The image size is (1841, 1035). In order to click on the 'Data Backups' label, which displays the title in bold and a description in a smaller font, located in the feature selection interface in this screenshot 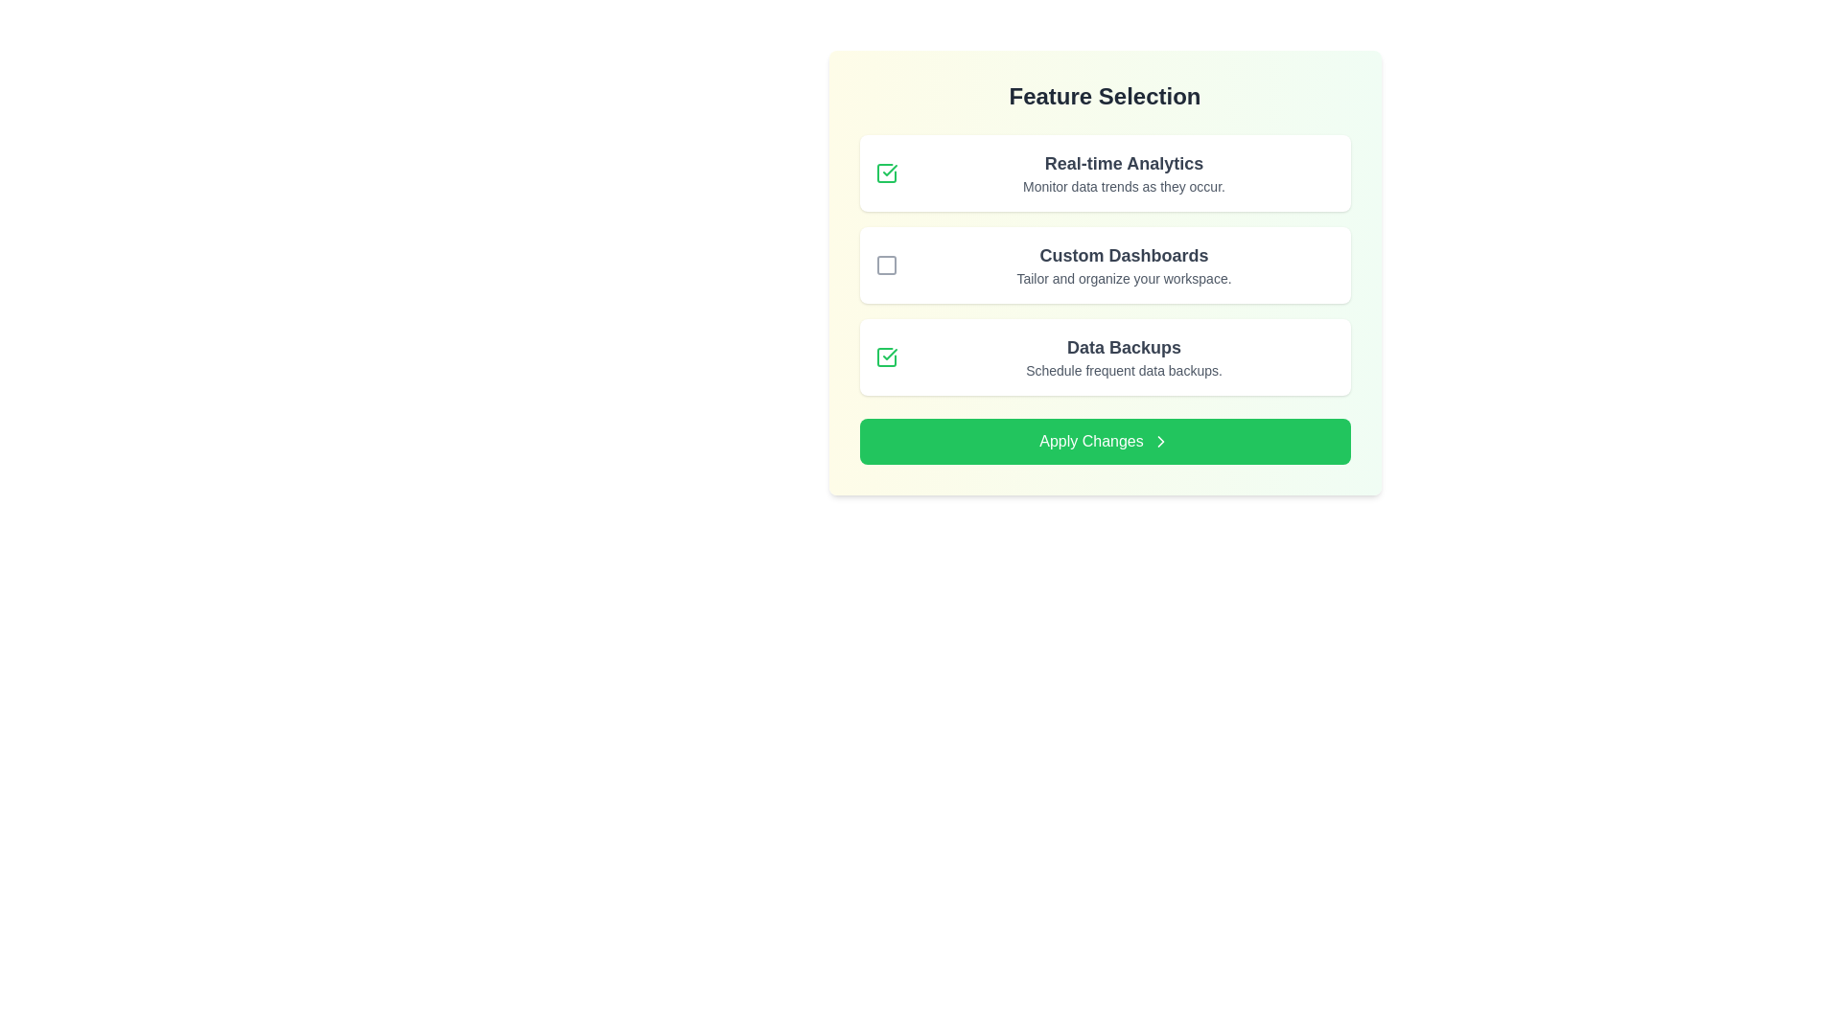, I will do `click(1124, 357)`.